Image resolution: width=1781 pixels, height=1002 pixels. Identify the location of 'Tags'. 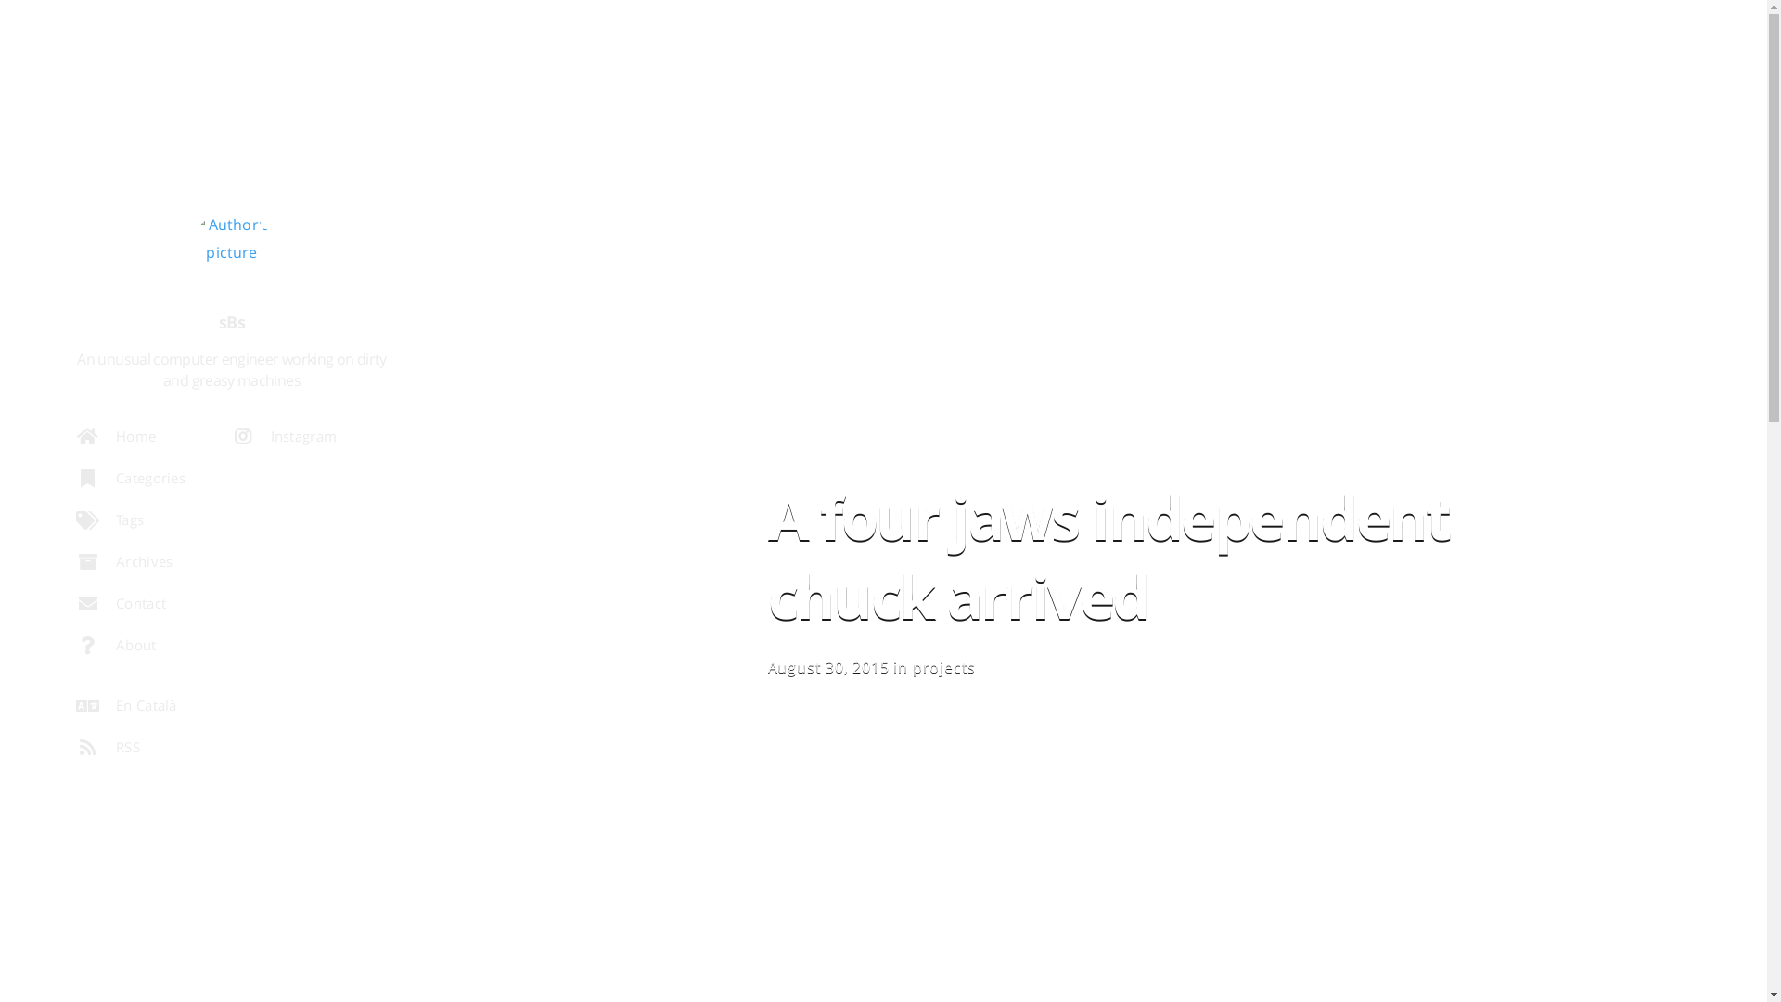
(141, 524).